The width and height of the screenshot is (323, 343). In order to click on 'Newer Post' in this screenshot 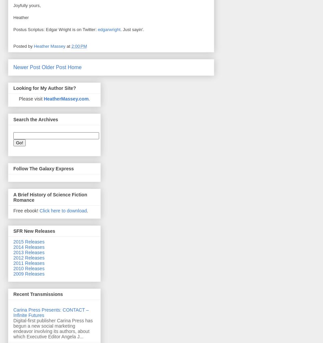, I will do `click(26, 66)`.